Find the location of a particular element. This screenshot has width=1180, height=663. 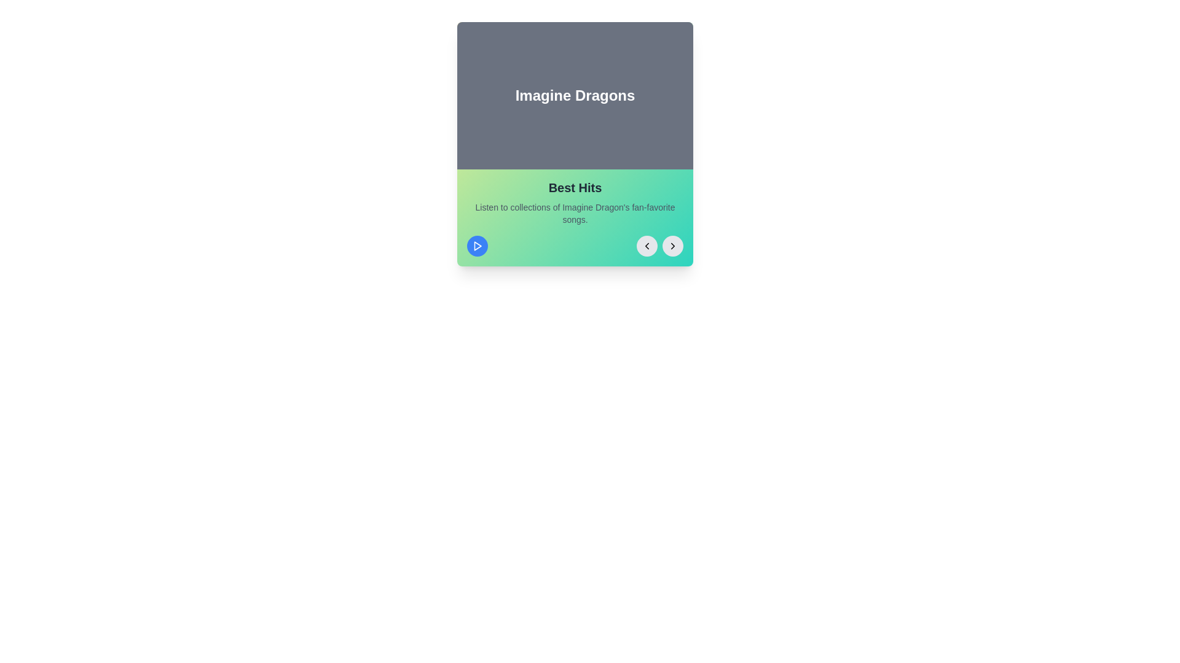

the leftmost circular blue button with a white triangular play icon located at the bottom center of the card UI is located at coordinates (477, 246).